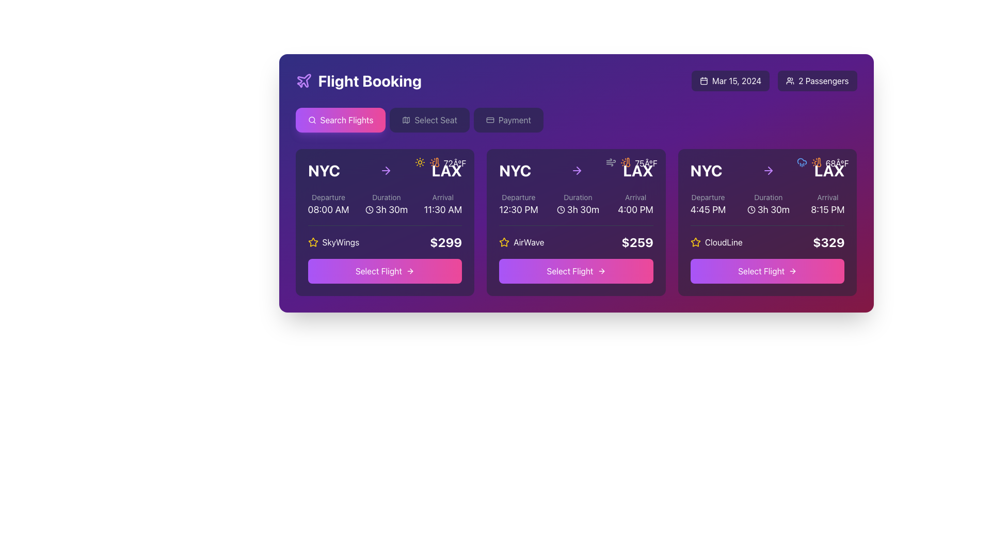 Image resolution: width=991 pixels, height=557 pixels. I want to click on the sun icon in the weather information section of the first flight card (NYC to LAX) located above the temperature text '72°F', so click(420, 162).